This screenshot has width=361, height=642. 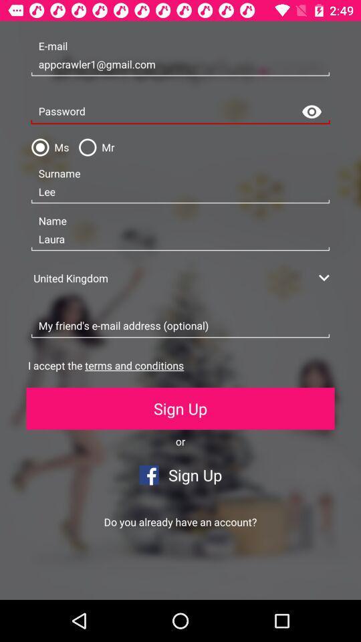 What do you see at coordinates (105, 365) in the screenshot?
I see `the i accept the icon` at bounding box center [105, 365].